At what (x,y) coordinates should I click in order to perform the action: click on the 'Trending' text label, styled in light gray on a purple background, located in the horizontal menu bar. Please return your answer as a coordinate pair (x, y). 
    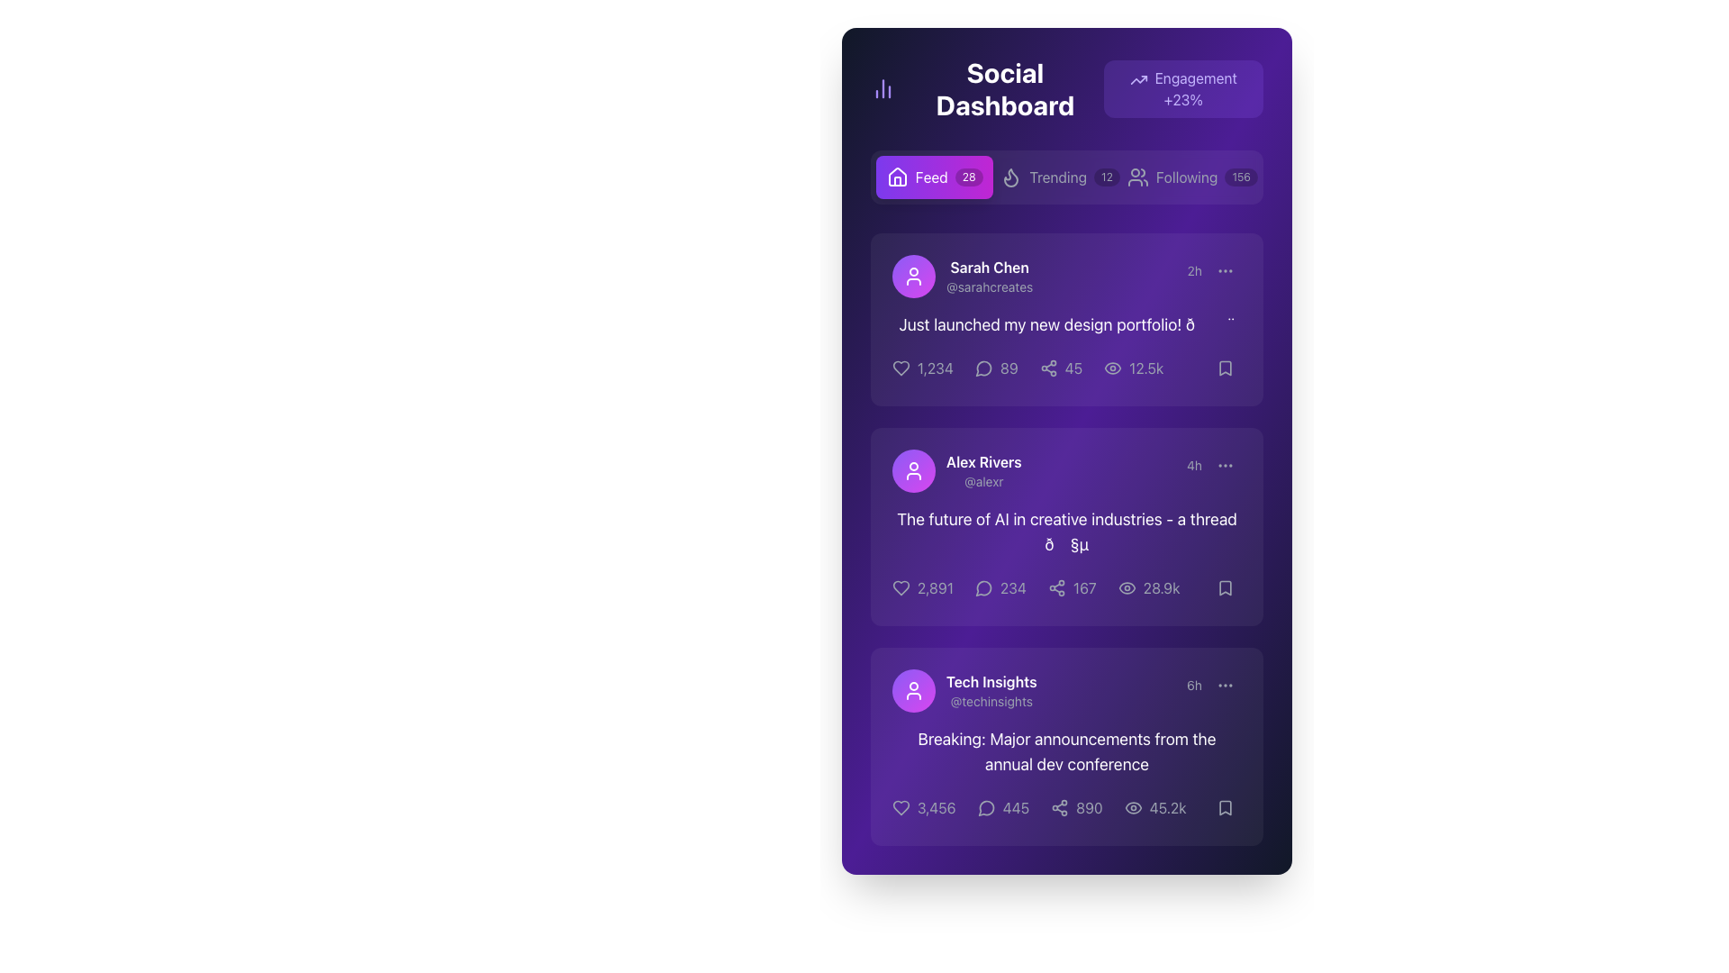
    Looking at the image, I should click on (1058, 177).